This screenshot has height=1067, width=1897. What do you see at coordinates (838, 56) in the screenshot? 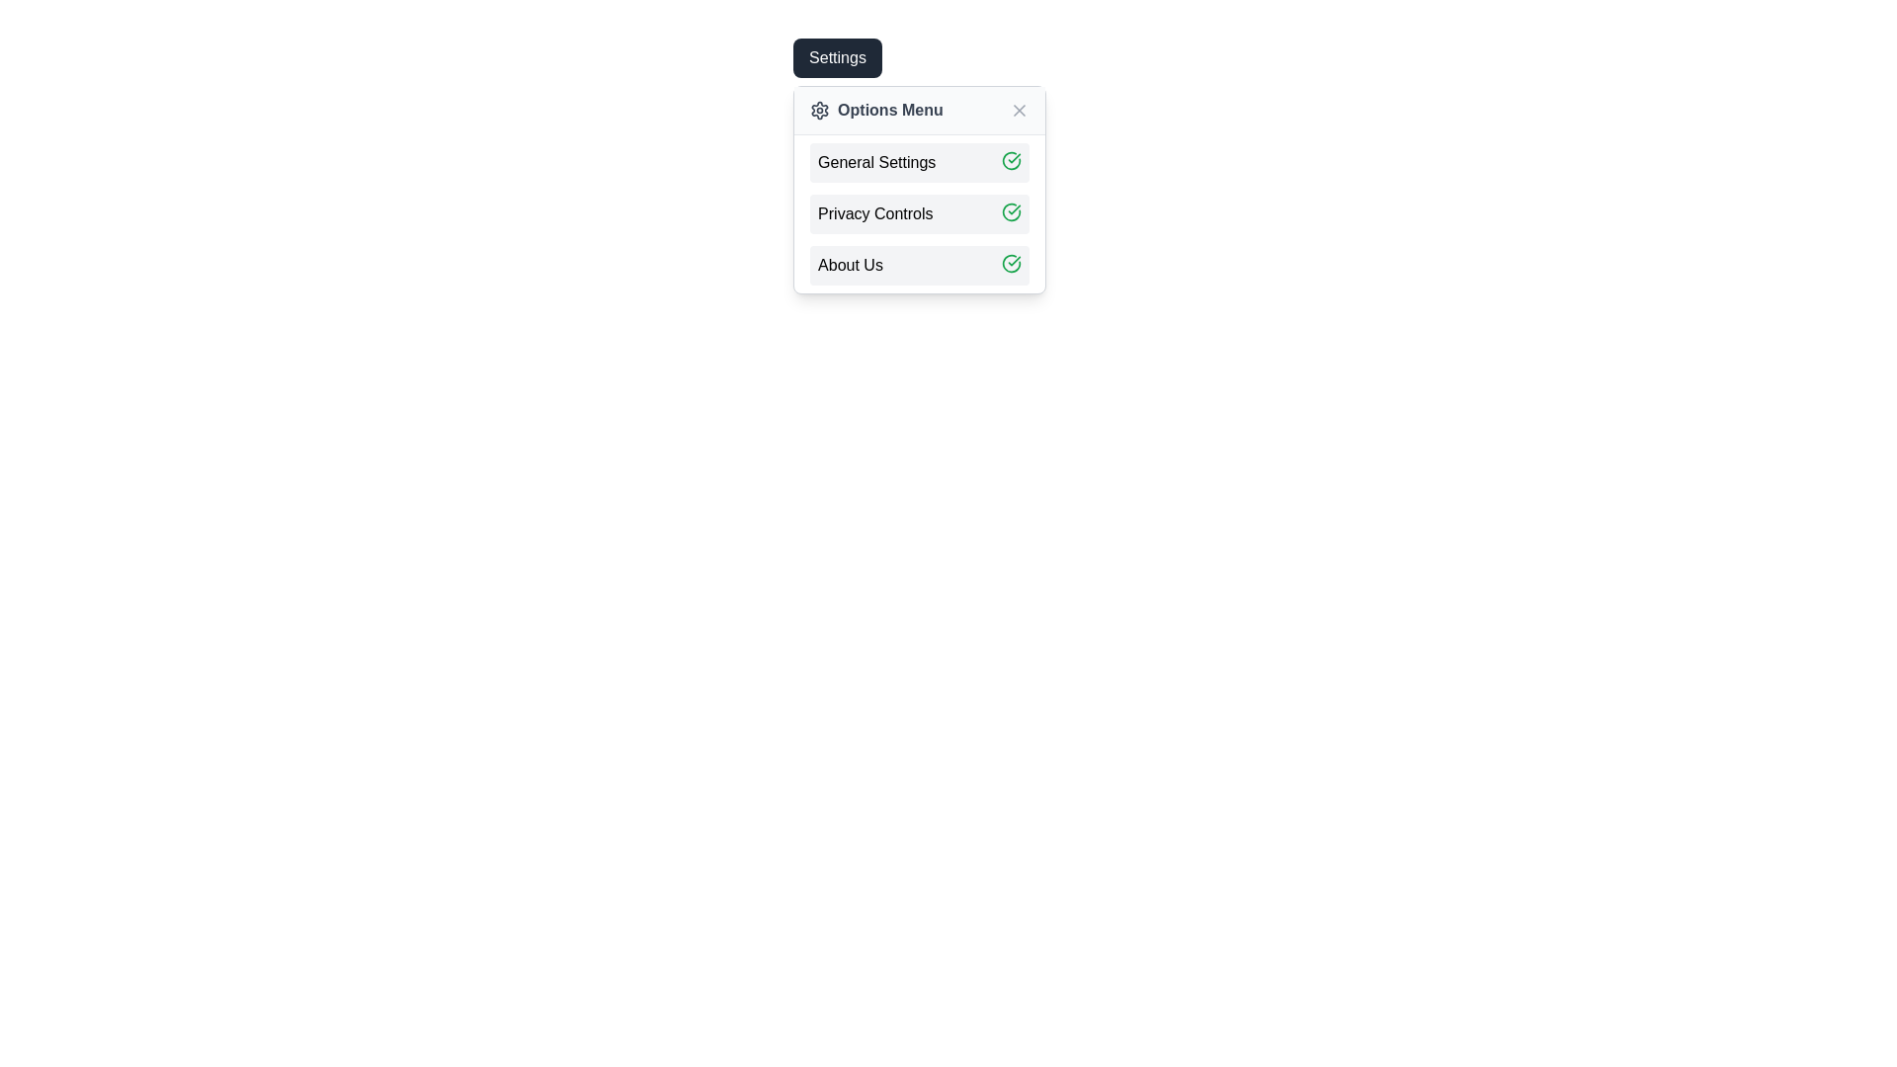
I see `the 'Settings' button, which has white text on a dark gray background and rounded corners, located at the top-left of the dropdown menu` at bounding box center [838, 56].